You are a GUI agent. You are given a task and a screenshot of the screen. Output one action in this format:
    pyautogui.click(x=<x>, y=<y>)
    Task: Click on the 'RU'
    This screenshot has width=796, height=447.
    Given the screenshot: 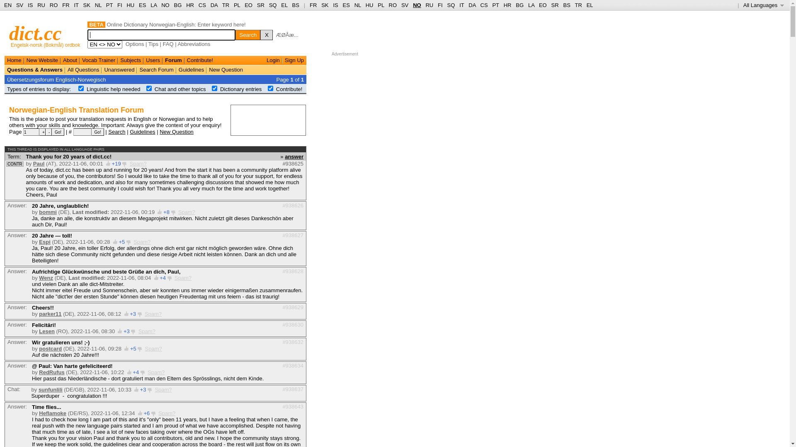 What is the action you would take?
    pyautogui.click(x=429, y=5)
    